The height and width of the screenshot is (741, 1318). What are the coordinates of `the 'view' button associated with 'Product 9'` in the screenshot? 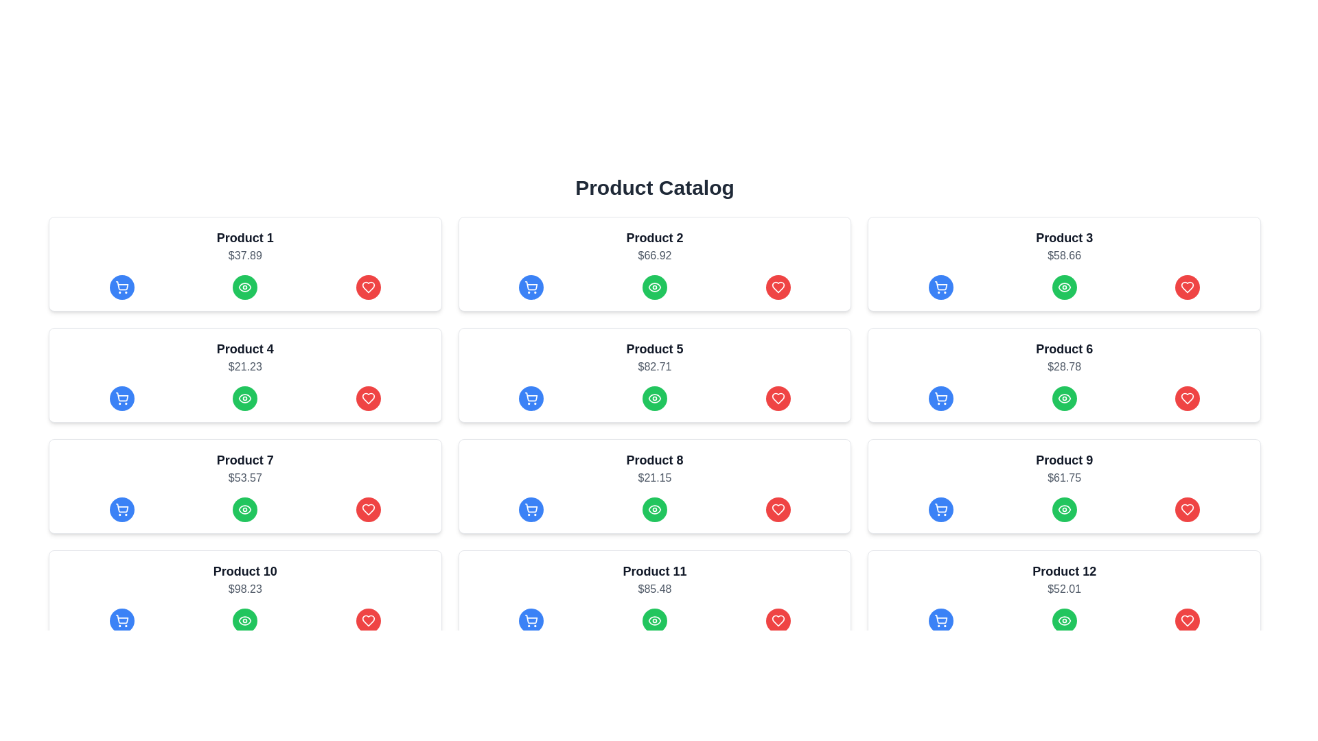 It's located at (1063, 510).